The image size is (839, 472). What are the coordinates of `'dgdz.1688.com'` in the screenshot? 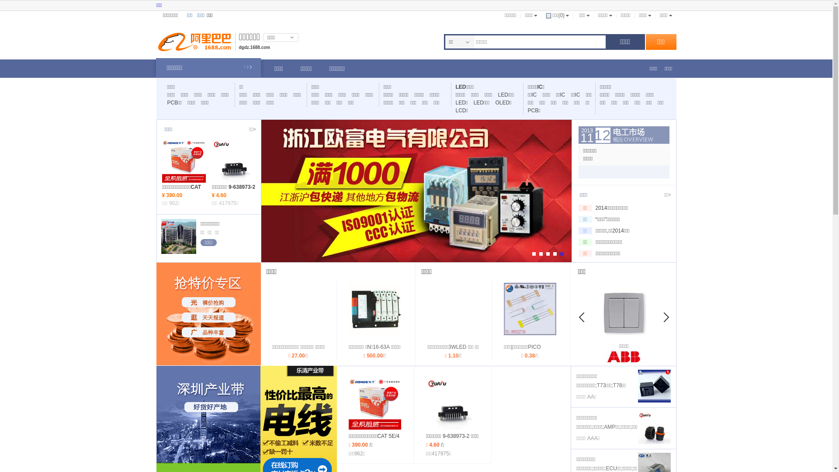 It's located at (253, 47).